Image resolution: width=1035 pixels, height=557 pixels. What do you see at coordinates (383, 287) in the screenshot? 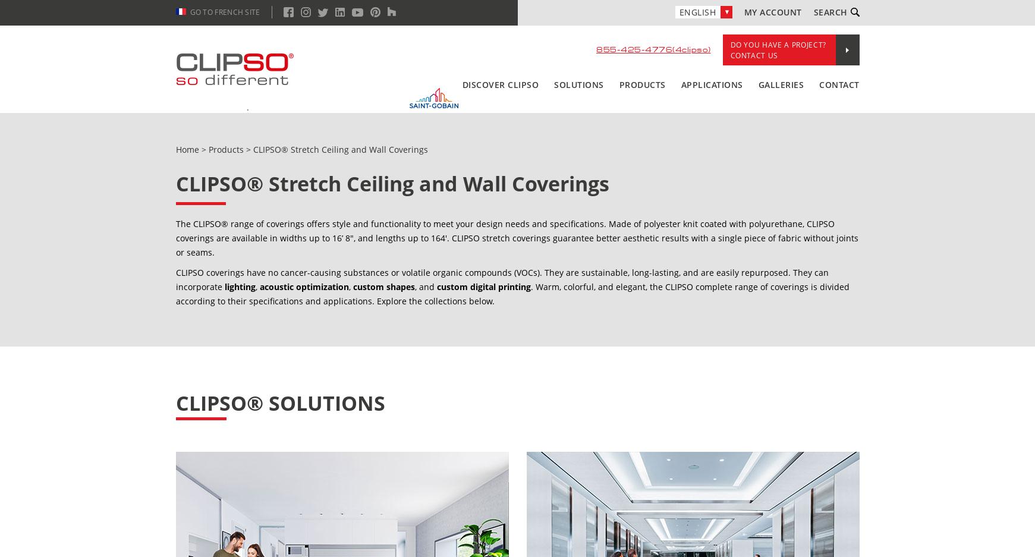
I see `'custom shapes'` at bounding box center [383, 287].